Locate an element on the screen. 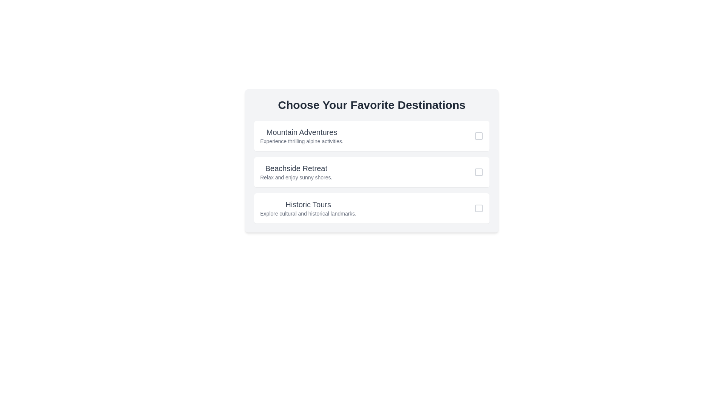  the Text Label element containing the text 'Explore cultural and historical landmarks.' which is located below the heading 'Historic Tours' is located at coordinates (308, 214).